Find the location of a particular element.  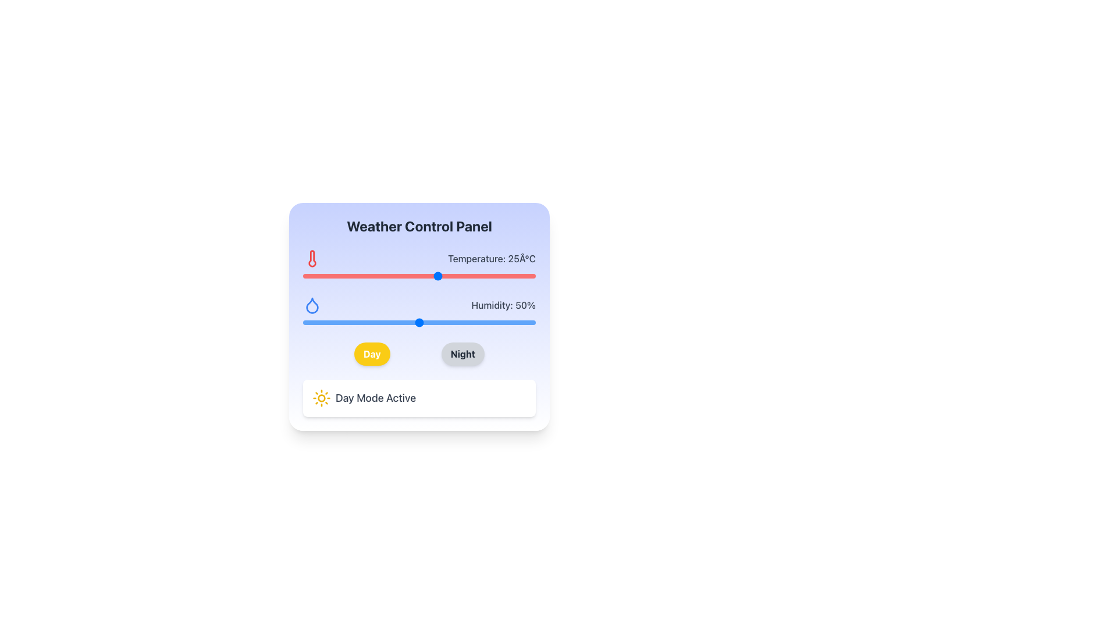

the inner circle of the sun icon, which is located at the bottom-left section of the 'Day Mode Active' card is located at coordinates (321, 398).